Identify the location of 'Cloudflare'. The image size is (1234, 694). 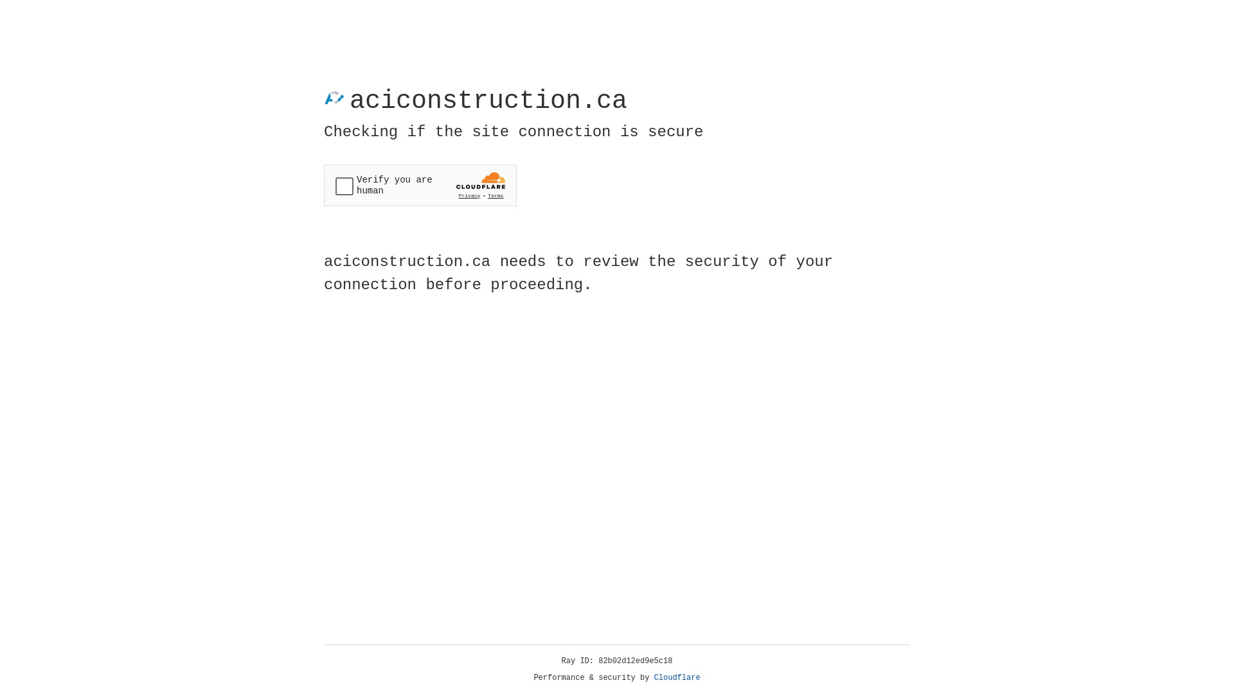
(677, 677).